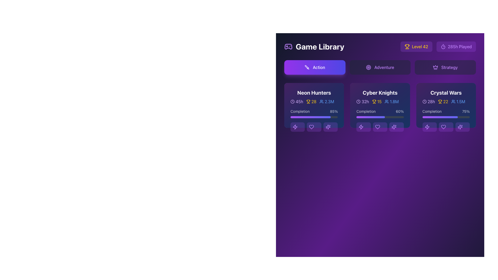  Describe the element at coordinates (308, 102) in the screenshot. I see `the achievements icon located in the 'Neon Hunters' section, next to the text '28'` at that location.